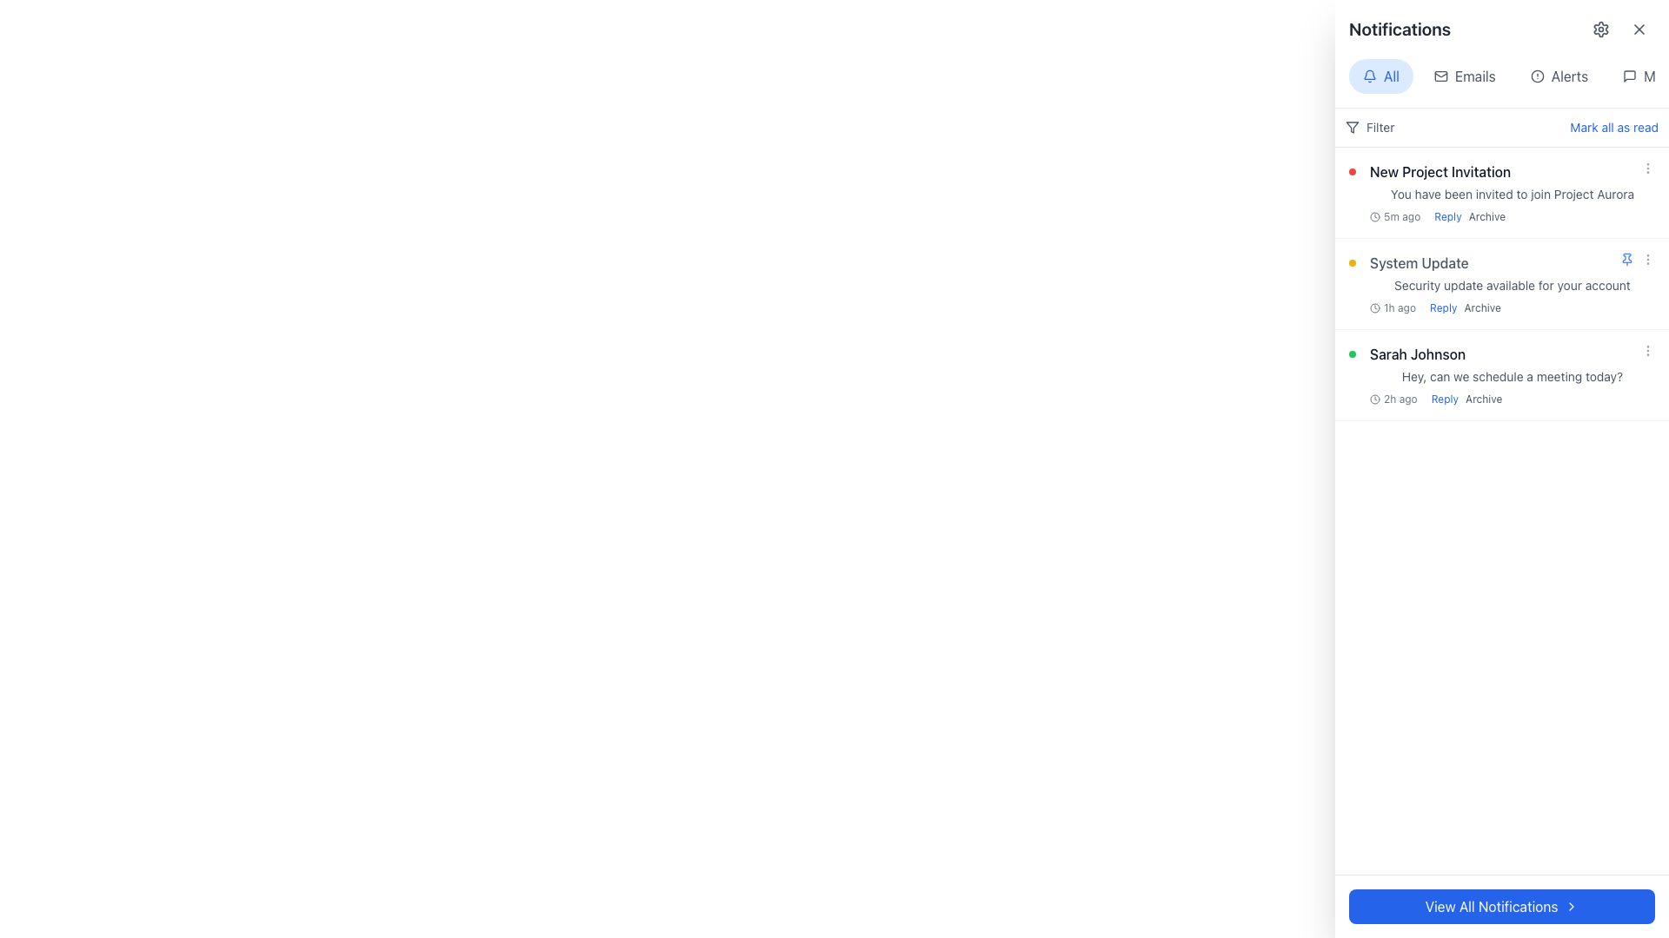  What do you see at coordinates (1626, 260) in the screenshot?
I see `the notification indicator icon located to the right of the 'System Update' notification, just before the three-dot menu icon` at bounding box center [1626, 260].